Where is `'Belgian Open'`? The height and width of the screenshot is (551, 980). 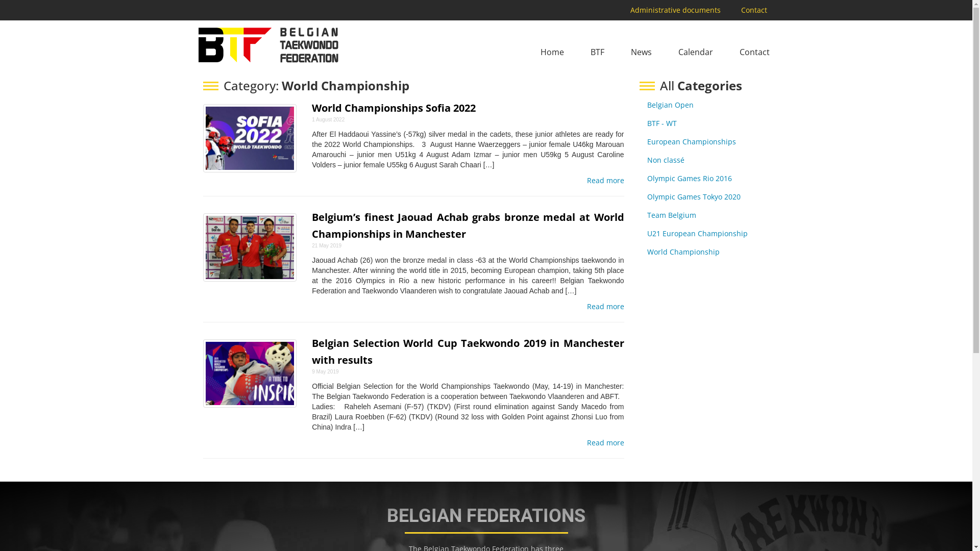 'Belgian Open' is located at coordinates (646, 105).